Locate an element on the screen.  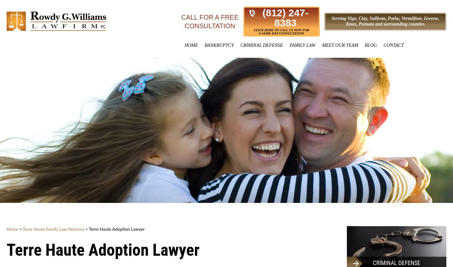
'A Same-Day Consultation' is located at coordinates (281, 33).